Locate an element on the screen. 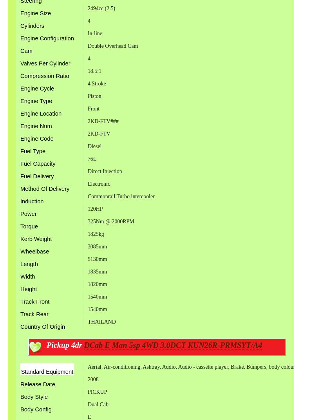  'Fuel Type' is located at coordinates (32, 151).